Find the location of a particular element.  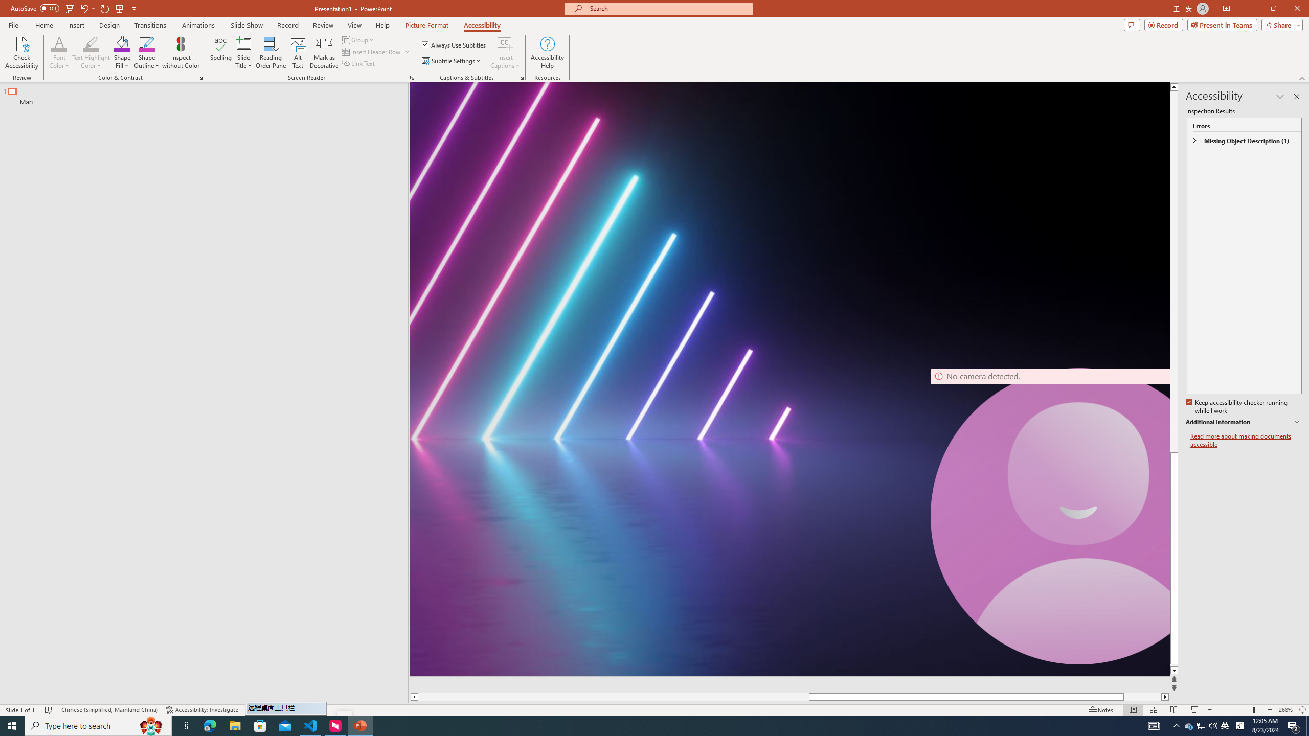

'File Tab' is located at coordinates (13, 24).